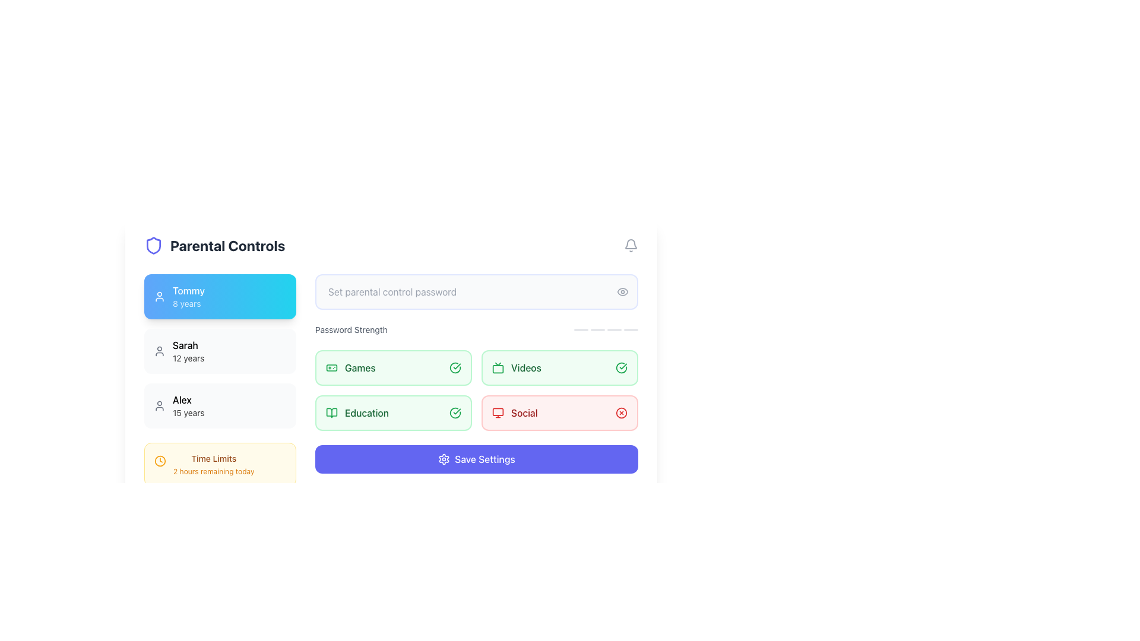 This screenshot has width=1140, height=641. What do you see at coordinates (214, 245) in the screenshot?
I see `the Text Label with an Accompanying Icon that represents parental controls, located next to a shield-shaped icon` at bounding box center [214, 245].